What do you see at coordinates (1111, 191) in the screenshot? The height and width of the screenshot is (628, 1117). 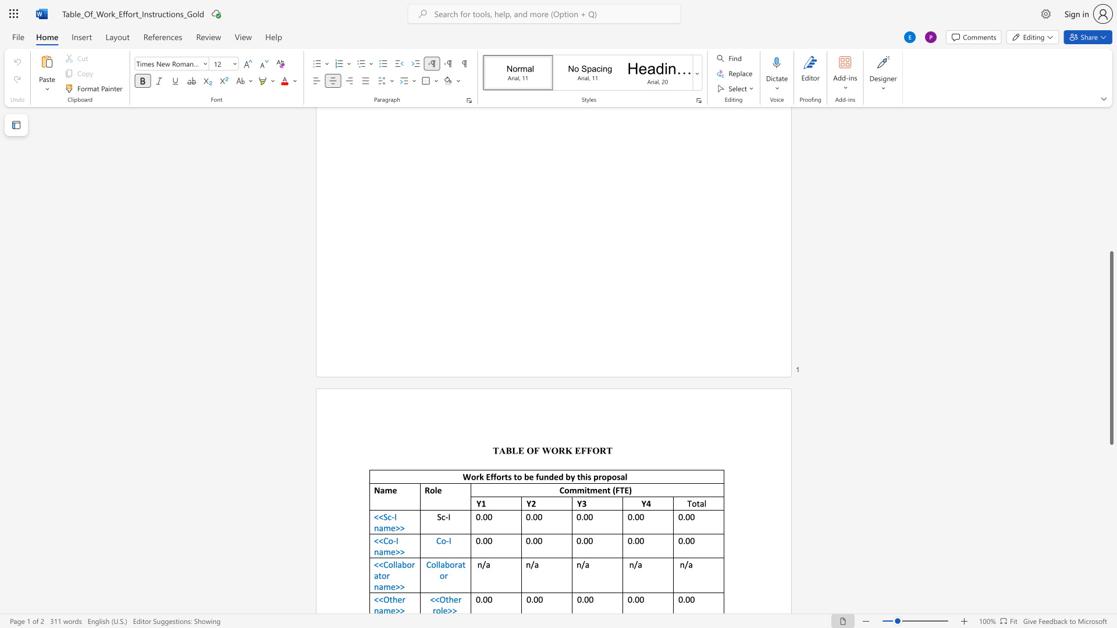 I see `the scrollbar to scroll the page up` at bounding box center [1111, 191].